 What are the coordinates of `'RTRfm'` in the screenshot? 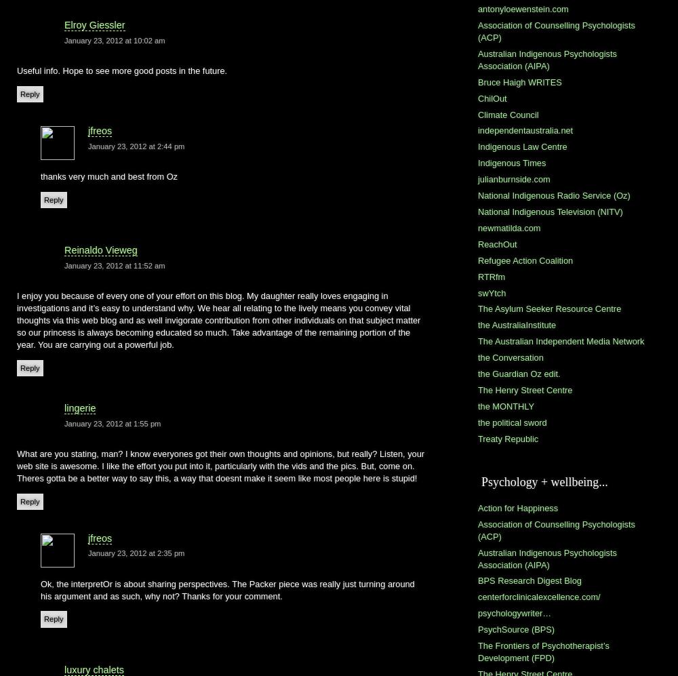 It's located at (477, 276).